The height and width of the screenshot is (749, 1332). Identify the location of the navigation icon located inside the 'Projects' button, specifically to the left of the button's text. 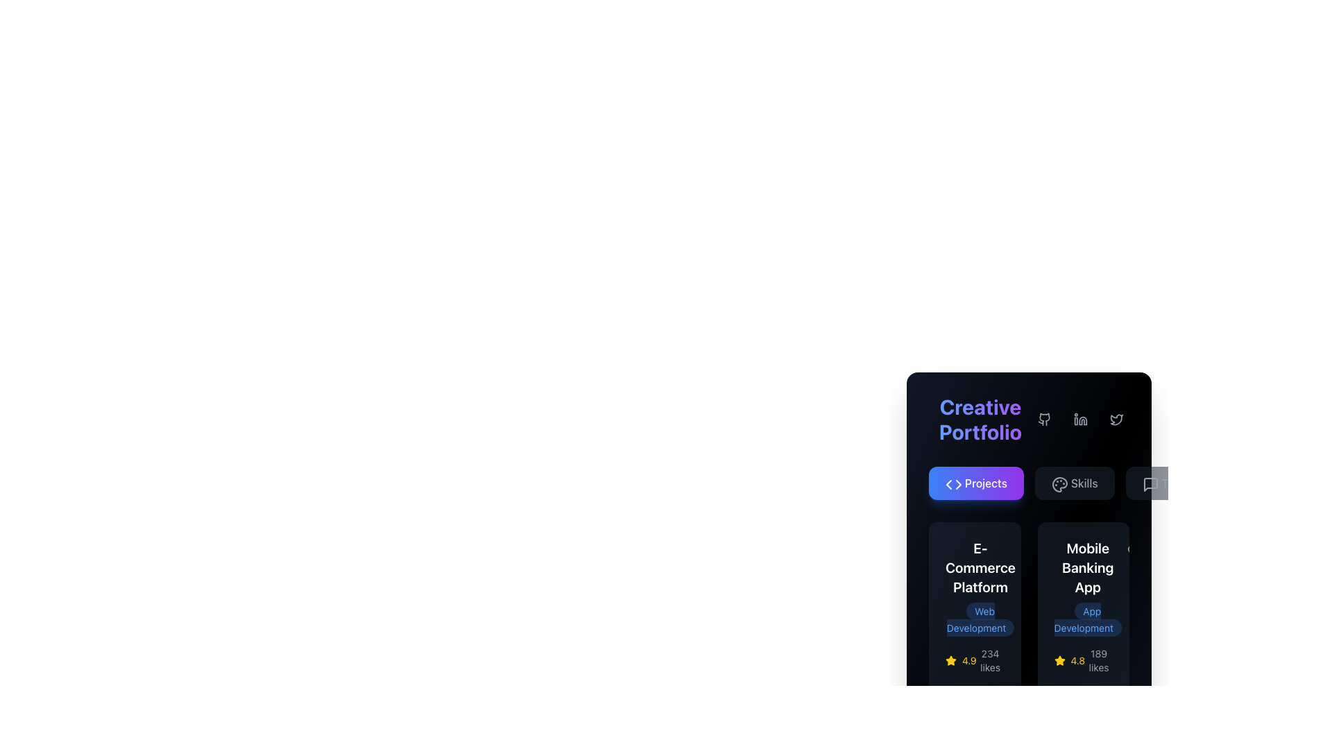
(948, 483).